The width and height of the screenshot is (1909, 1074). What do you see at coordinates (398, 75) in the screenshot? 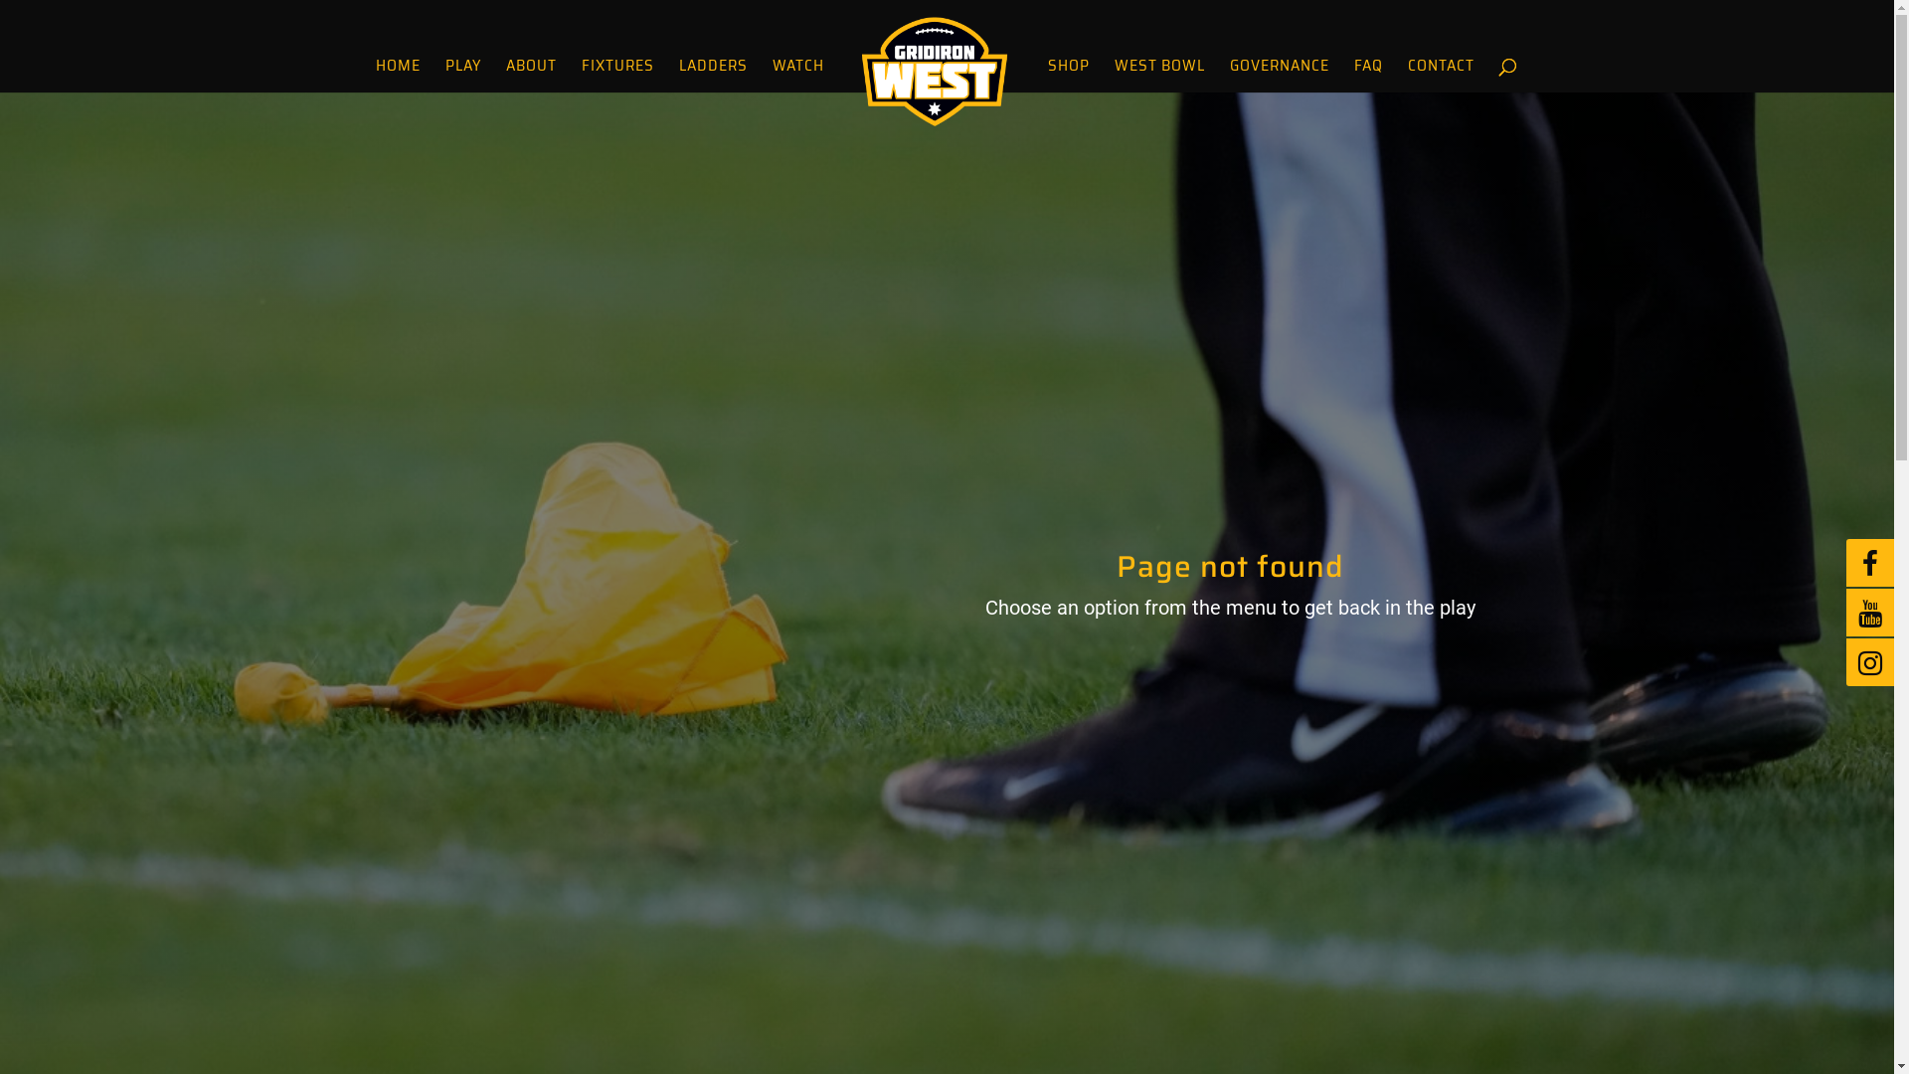
I see `'HOME'` at bounding box center [398, 75].